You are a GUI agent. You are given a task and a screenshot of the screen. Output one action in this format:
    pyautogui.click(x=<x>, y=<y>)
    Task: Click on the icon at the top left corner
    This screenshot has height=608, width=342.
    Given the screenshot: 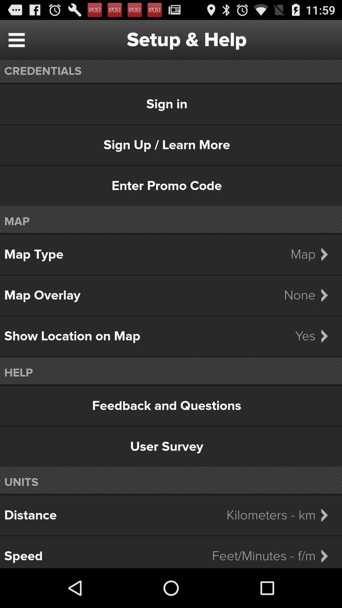 What is the action you would take?
    pyautogui.click(x=16, y=39)
    